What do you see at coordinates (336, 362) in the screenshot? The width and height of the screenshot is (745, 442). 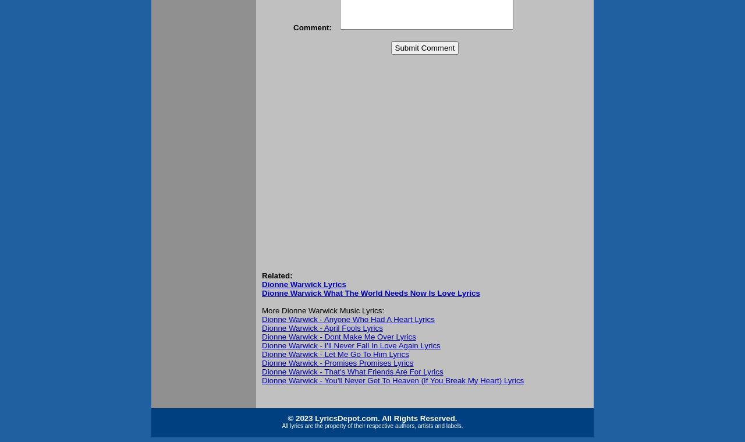 I see `'Dionne Warwick - Promises Promises Lyrics'` at bounding box center [336, 362].